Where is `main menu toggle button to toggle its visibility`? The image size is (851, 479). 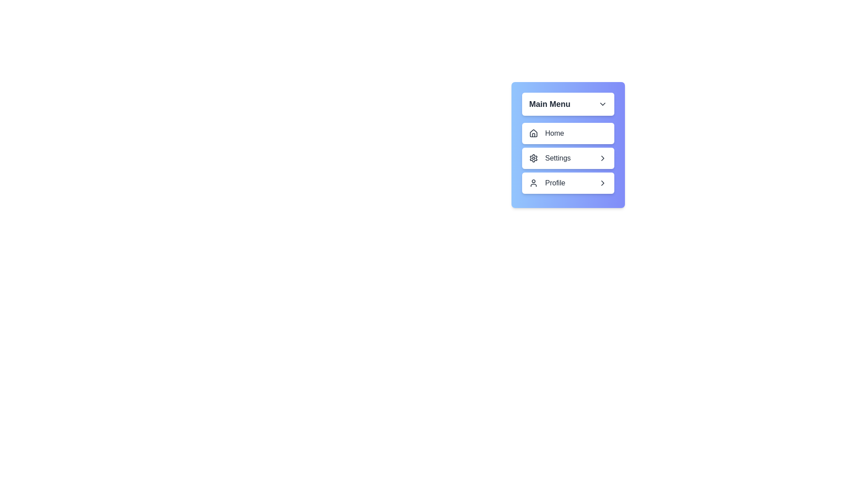
main menu toggle button to toggle its visibility is located at coordinates (568, 104).